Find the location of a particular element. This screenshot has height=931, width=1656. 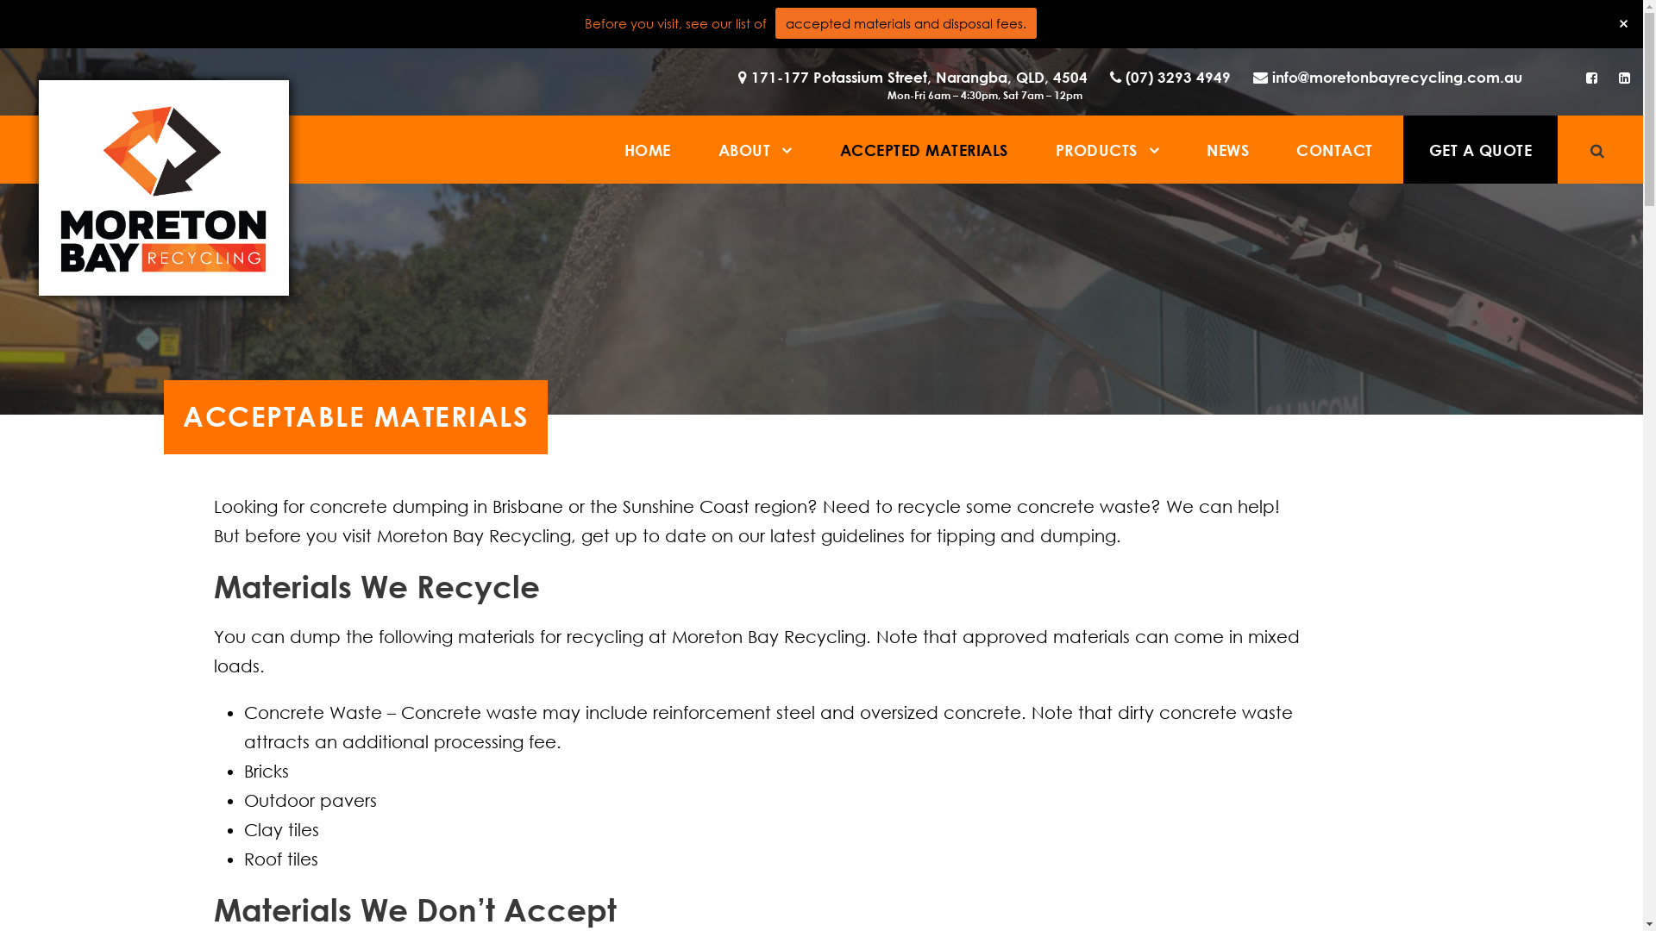

'PRODUCTS' is located at coordinates (1107, 148).